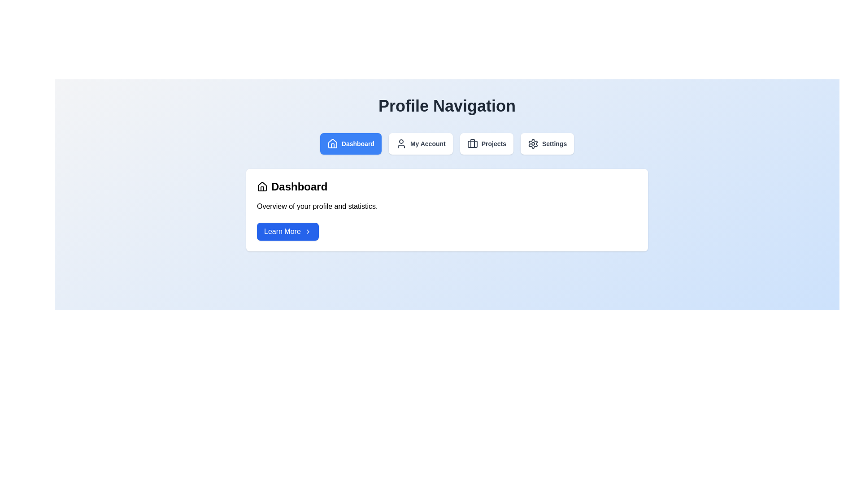 This screenshot has height=484, width=861. What do you see at coordinates (420, 143) in the screenshot?
I see `the 'My Account' button, which is a rectangular button with bold, dark-gray text and a user profile icon, located between the 'Dashboard' and 'Projects' buttons` at bounding box center [420, 143].